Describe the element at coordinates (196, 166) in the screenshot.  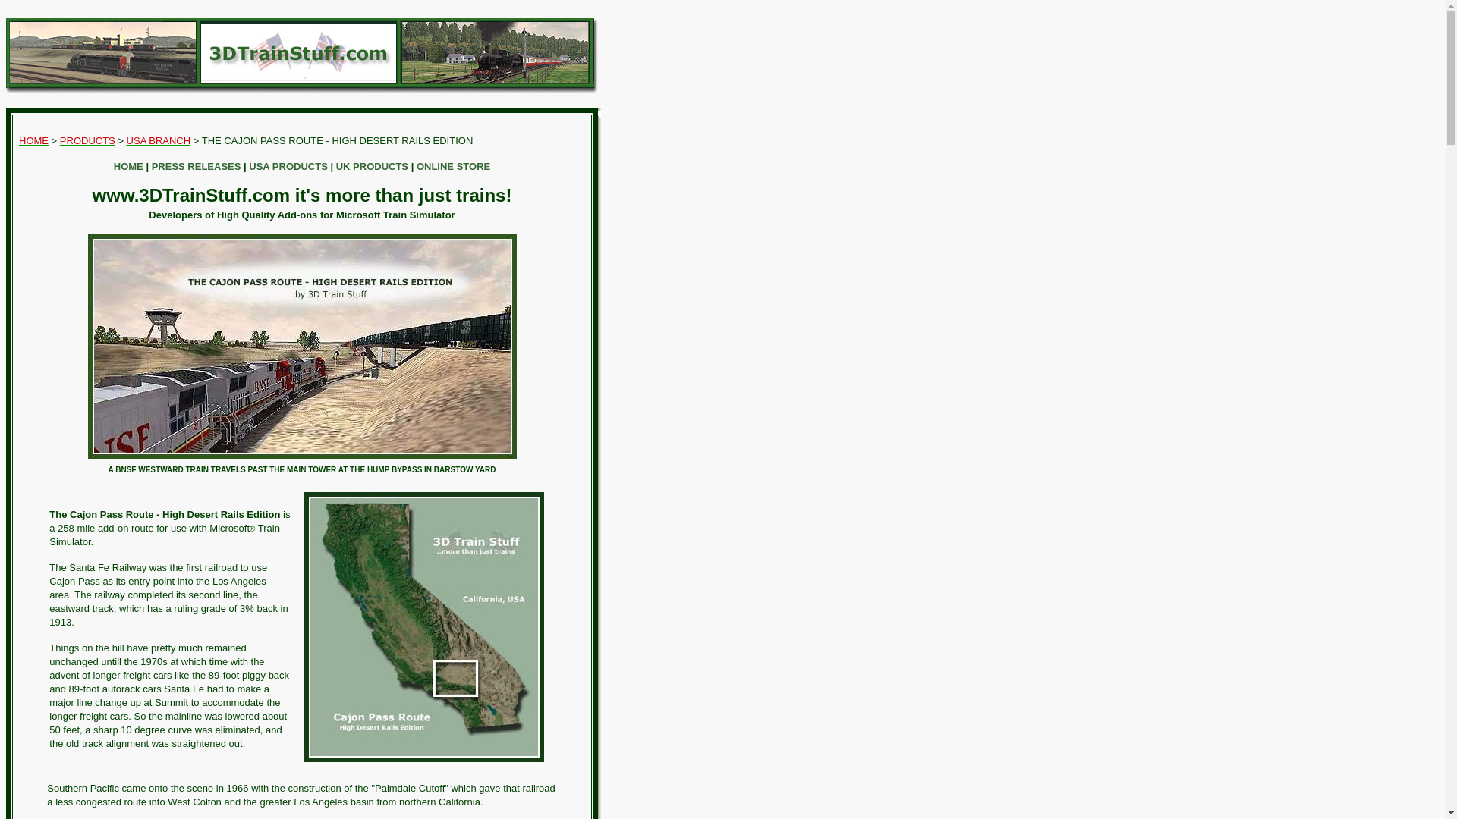
I see `'PRESS RELEASES'` at that location.